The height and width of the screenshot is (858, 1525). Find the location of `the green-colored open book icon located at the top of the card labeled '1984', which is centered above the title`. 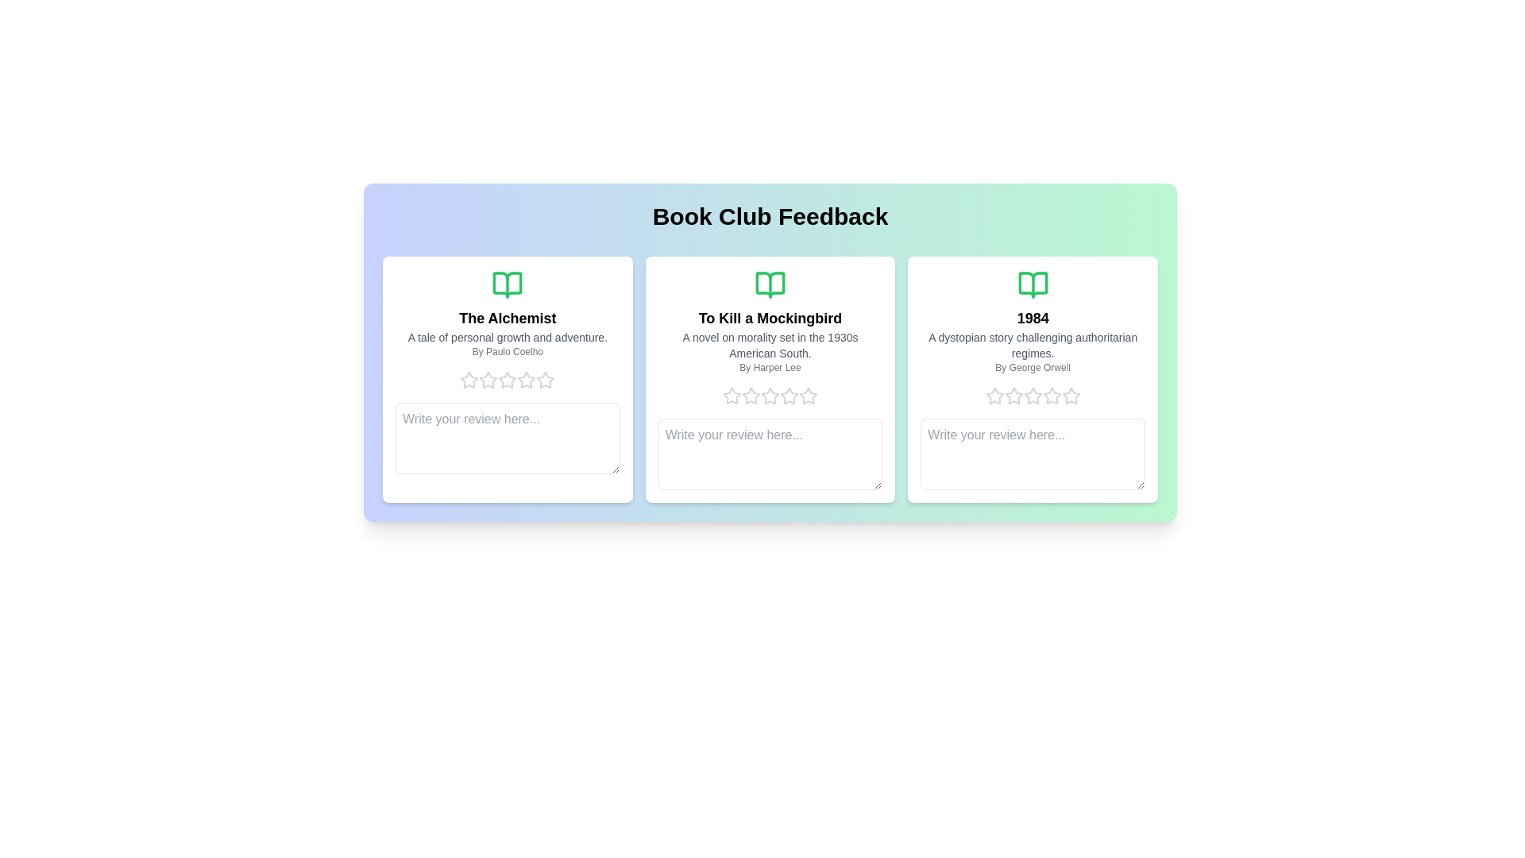

the green-colored open book icon located at the top of the card labeled '1984', which is centered above the title is located at coordinates (1033, 284).